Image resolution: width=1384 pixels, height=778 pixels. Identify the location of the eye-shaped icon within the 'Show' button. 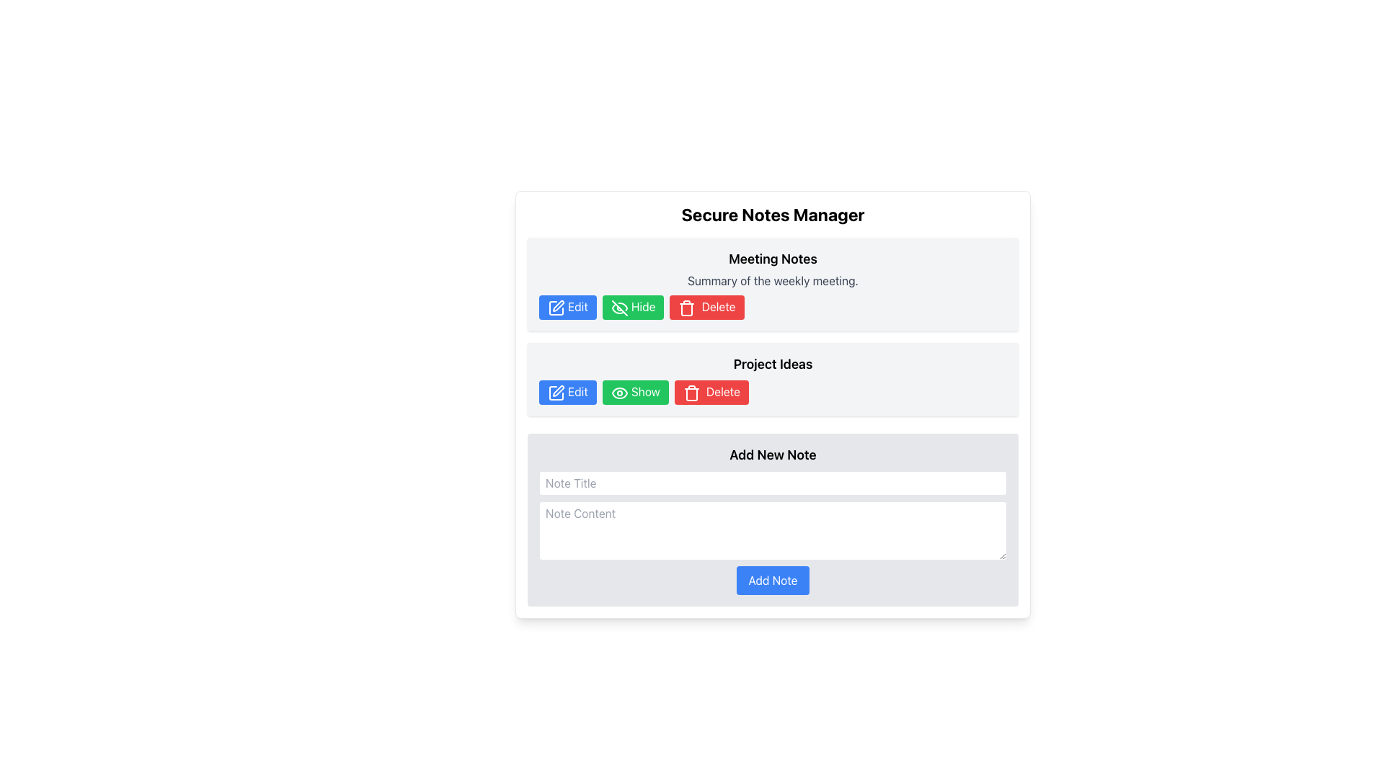
(619, 393).